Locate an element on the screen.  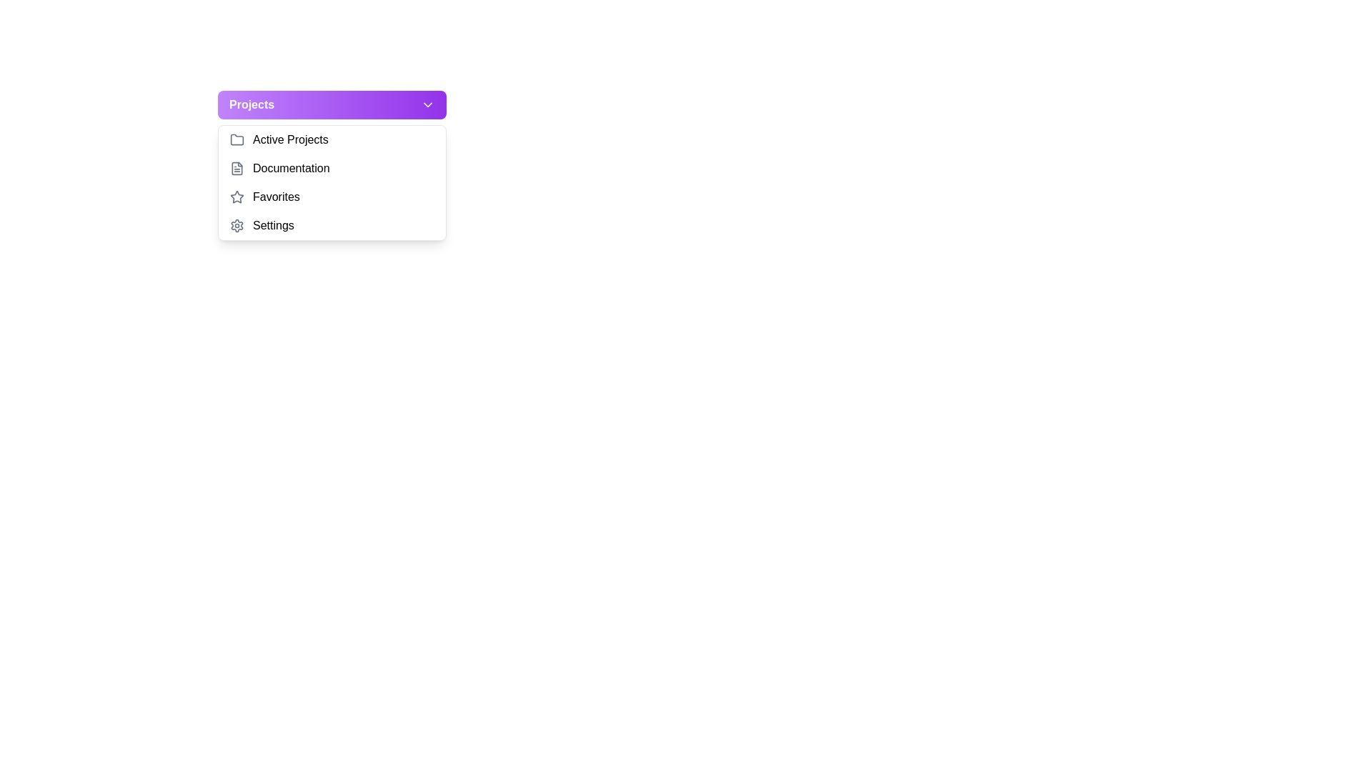
the text label displaying 'Projects' in bold sans-serif font, located in the middle-left of the purple gradient header is located at coordinates (252, 104).